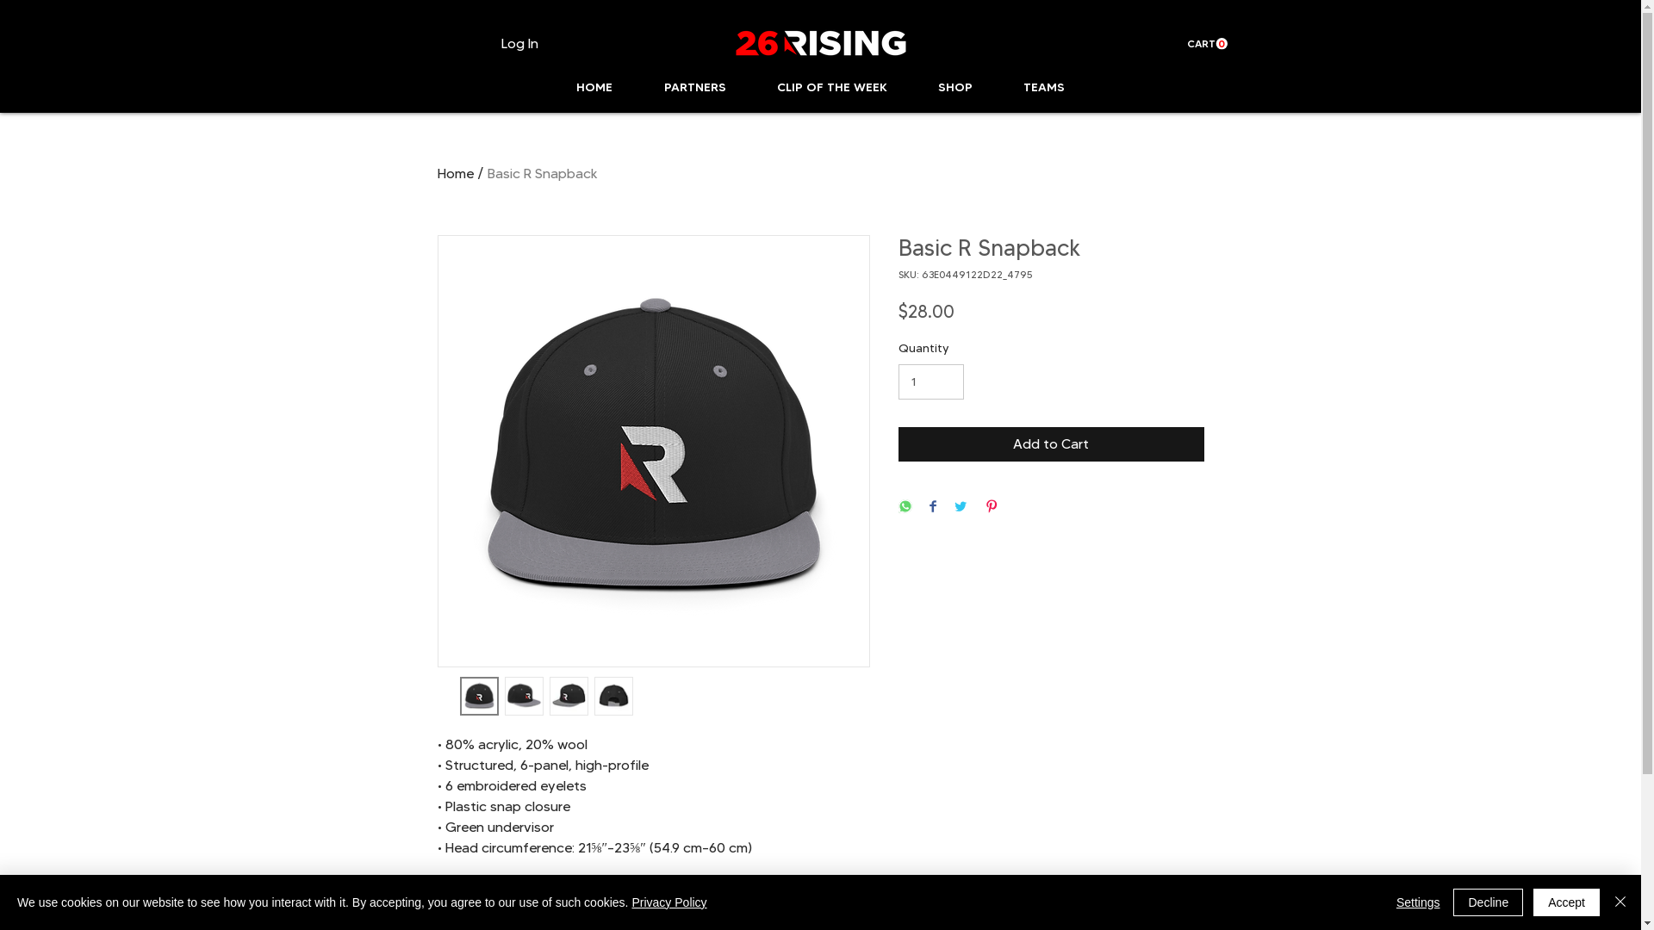 Image resolution: width=1654 pixels, height=930 pixels. Describe the element at coordinates (694, 87) in the screenshot. I see `'PARTNERS'` at that location.